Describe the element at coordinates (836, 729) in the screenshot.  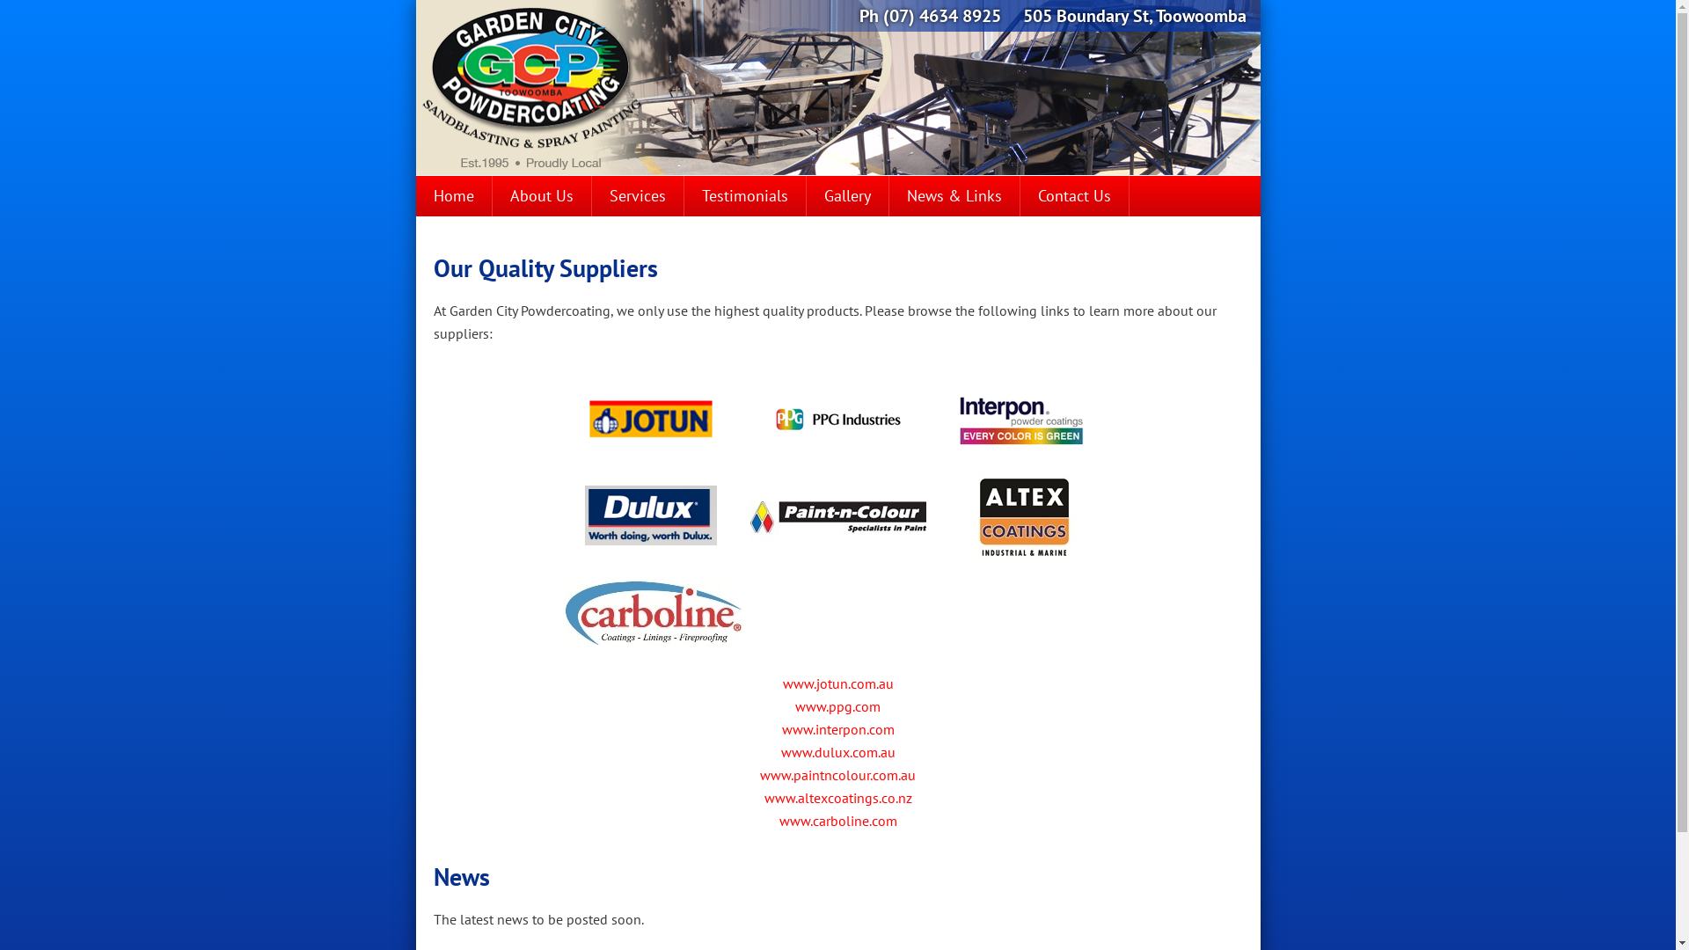
I see `'www.interpon.com'` at that location.